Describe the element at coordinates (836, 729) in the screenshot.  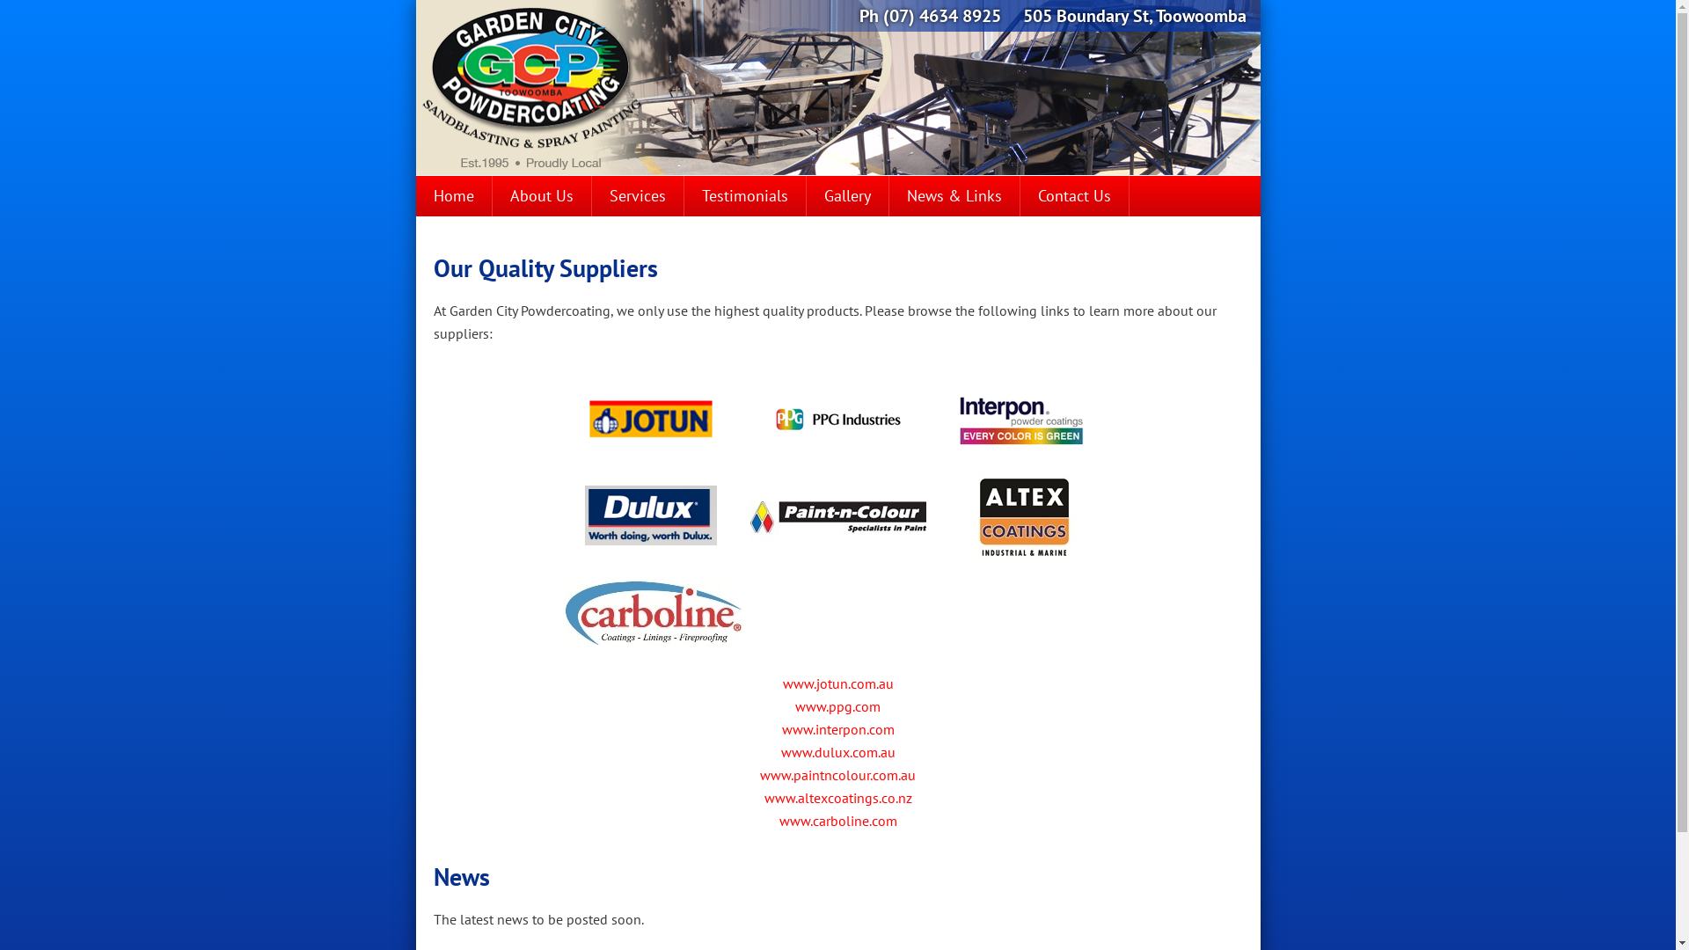
I see `'www.interpon.com'` at that location.